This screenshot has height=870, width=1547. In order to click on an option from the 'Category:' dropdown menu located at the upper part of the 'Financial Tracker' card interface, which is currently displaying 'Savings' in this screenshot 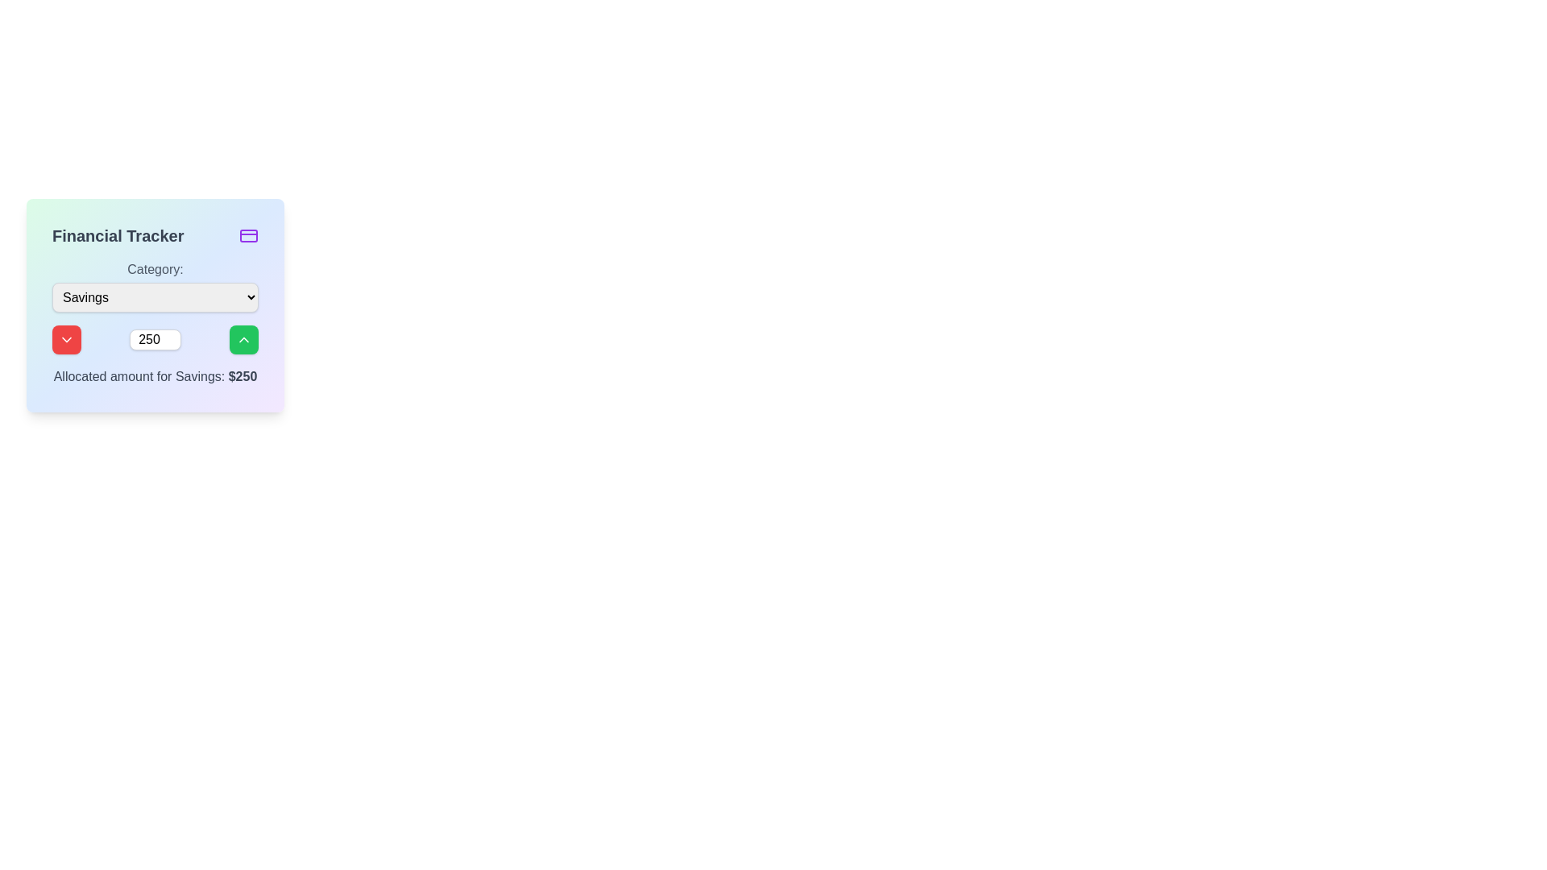, I will do `click(155, 284)`.